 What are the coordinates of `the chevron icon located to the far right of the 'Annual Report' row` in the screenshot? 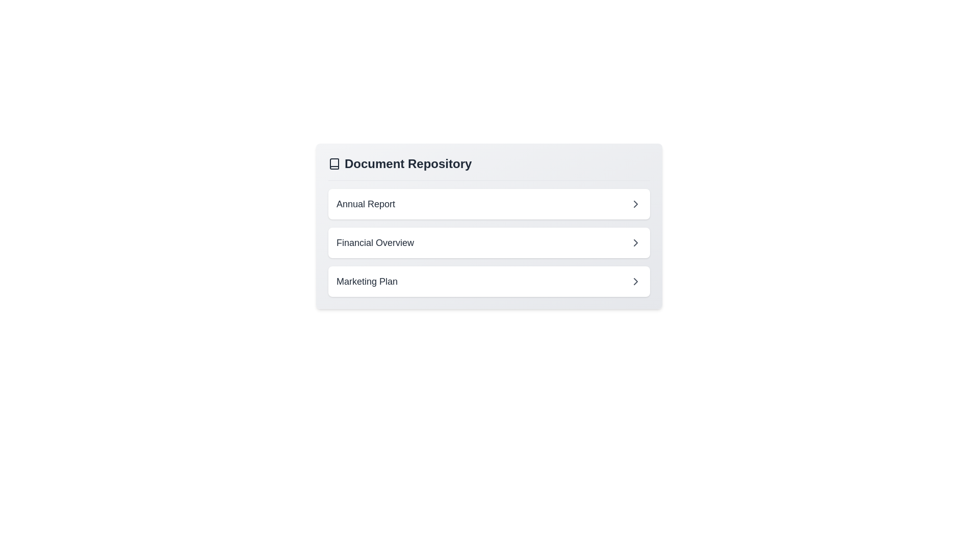 It's located at (635, 204).